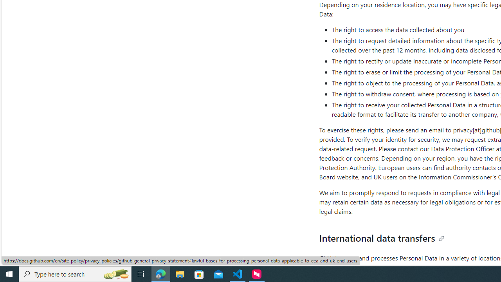 This screenshot has height=282, width=501. I want to click on 'International data transfers', so click(382, 237).